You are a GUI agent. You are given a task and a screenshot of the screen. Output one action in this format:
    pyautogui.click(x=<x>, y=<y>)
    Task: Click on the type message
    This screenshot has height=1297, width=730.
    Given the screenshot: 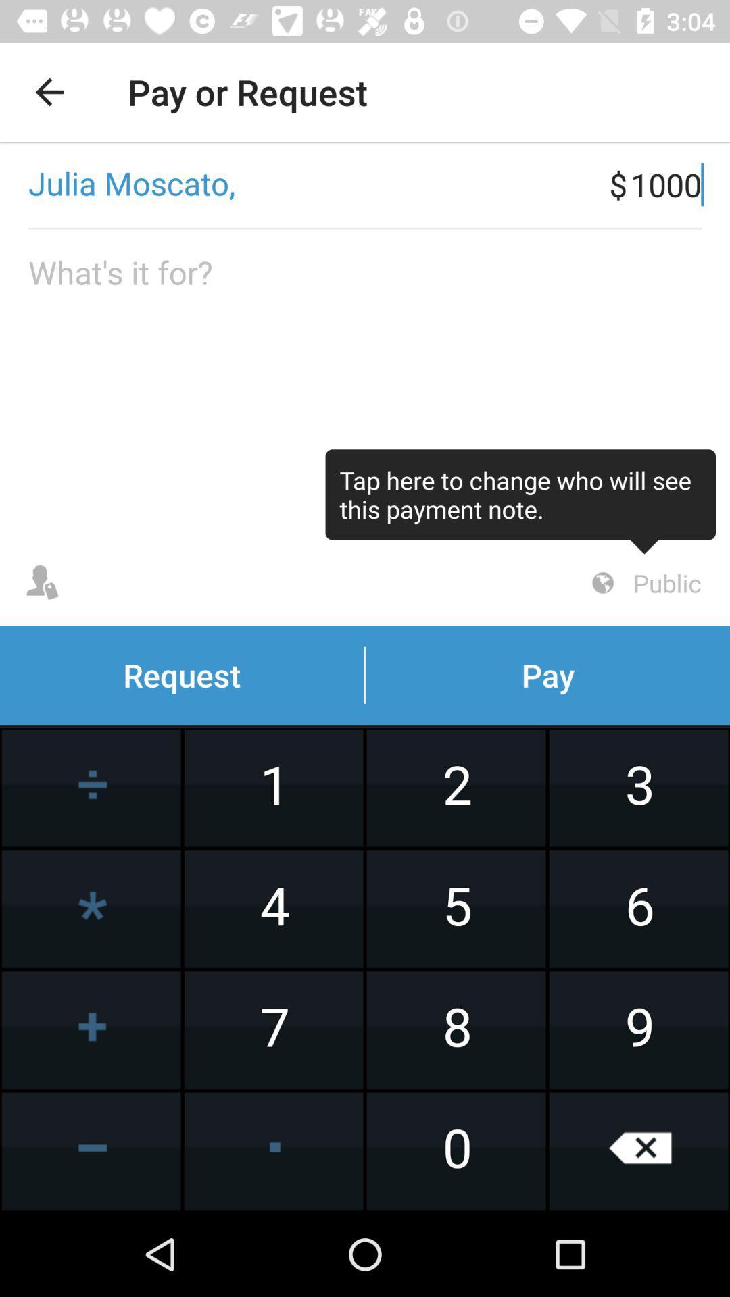 What is the action you would take?
    pyautogui.click(x=365, y=384)
    